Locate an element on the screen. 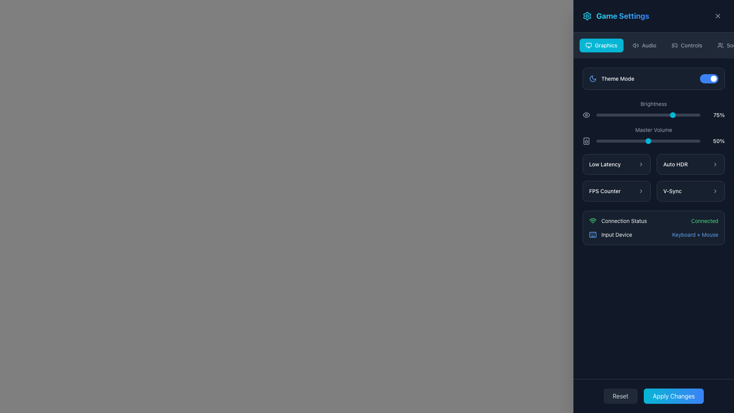 The image size is (734, 413). the 'Auto HDR' label, which is a bold white text on a dark background, located in the second row of the right column under graphical settings is located at coordinates (676, 164).